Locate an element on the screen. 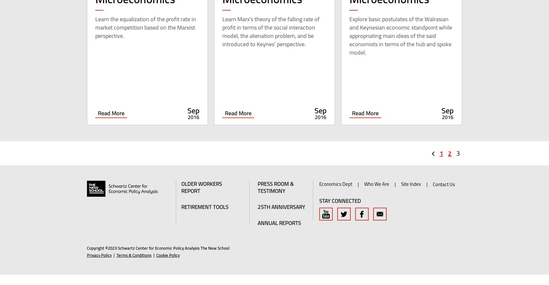 This screenshot has height=285, width=549. 'Learn Marx’s theory of the falling rate of profit in terms of the social interaction model, the alienation problem, and be introduced to Keynes’ perspective.' is located at coordinates (270, 42).